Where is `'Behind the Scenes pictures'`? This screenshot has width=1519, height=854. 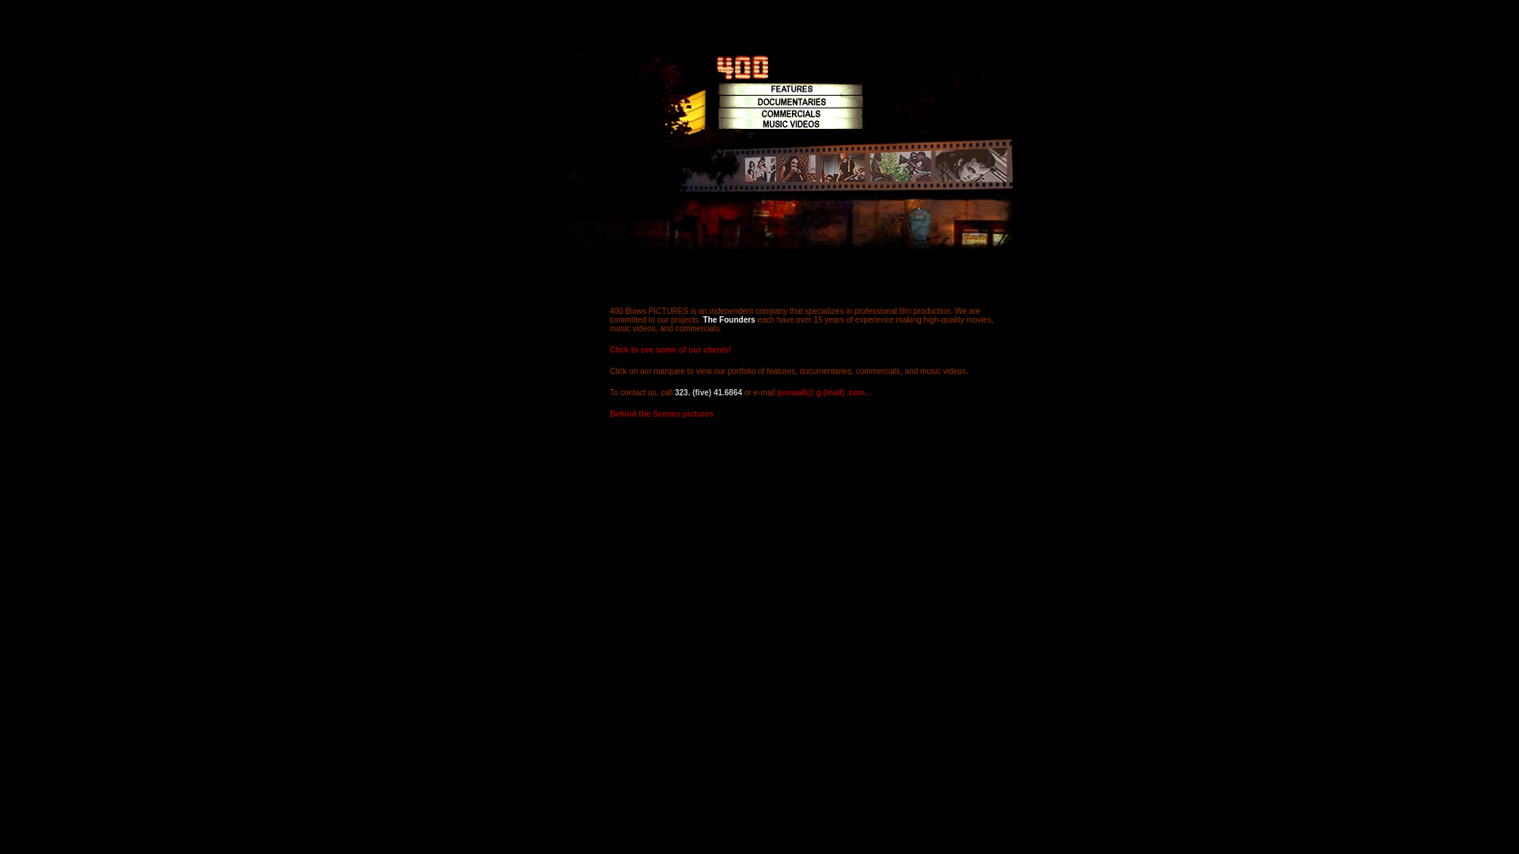 'Behind the Scenes pictures' is located at coordinates (661, 413).